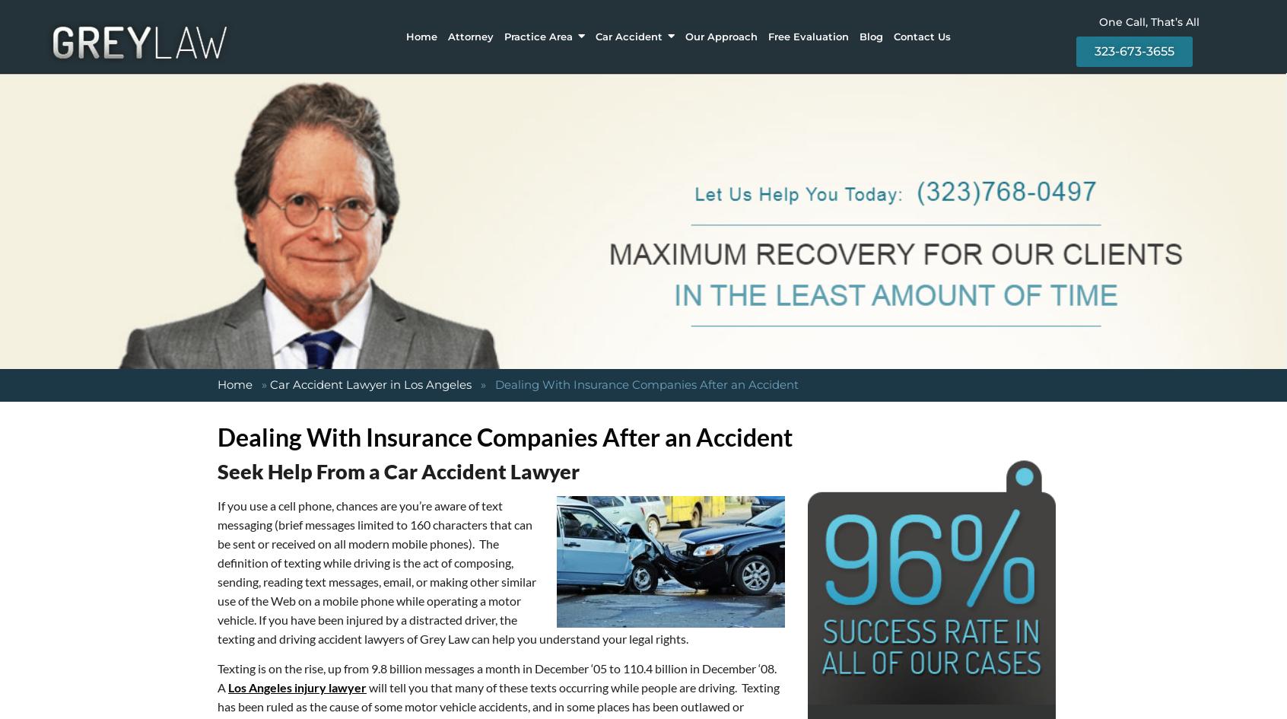 The image size is (1287, 719). I want to click on 'DANGEROUS PRODUCTS', so click(770, 84).